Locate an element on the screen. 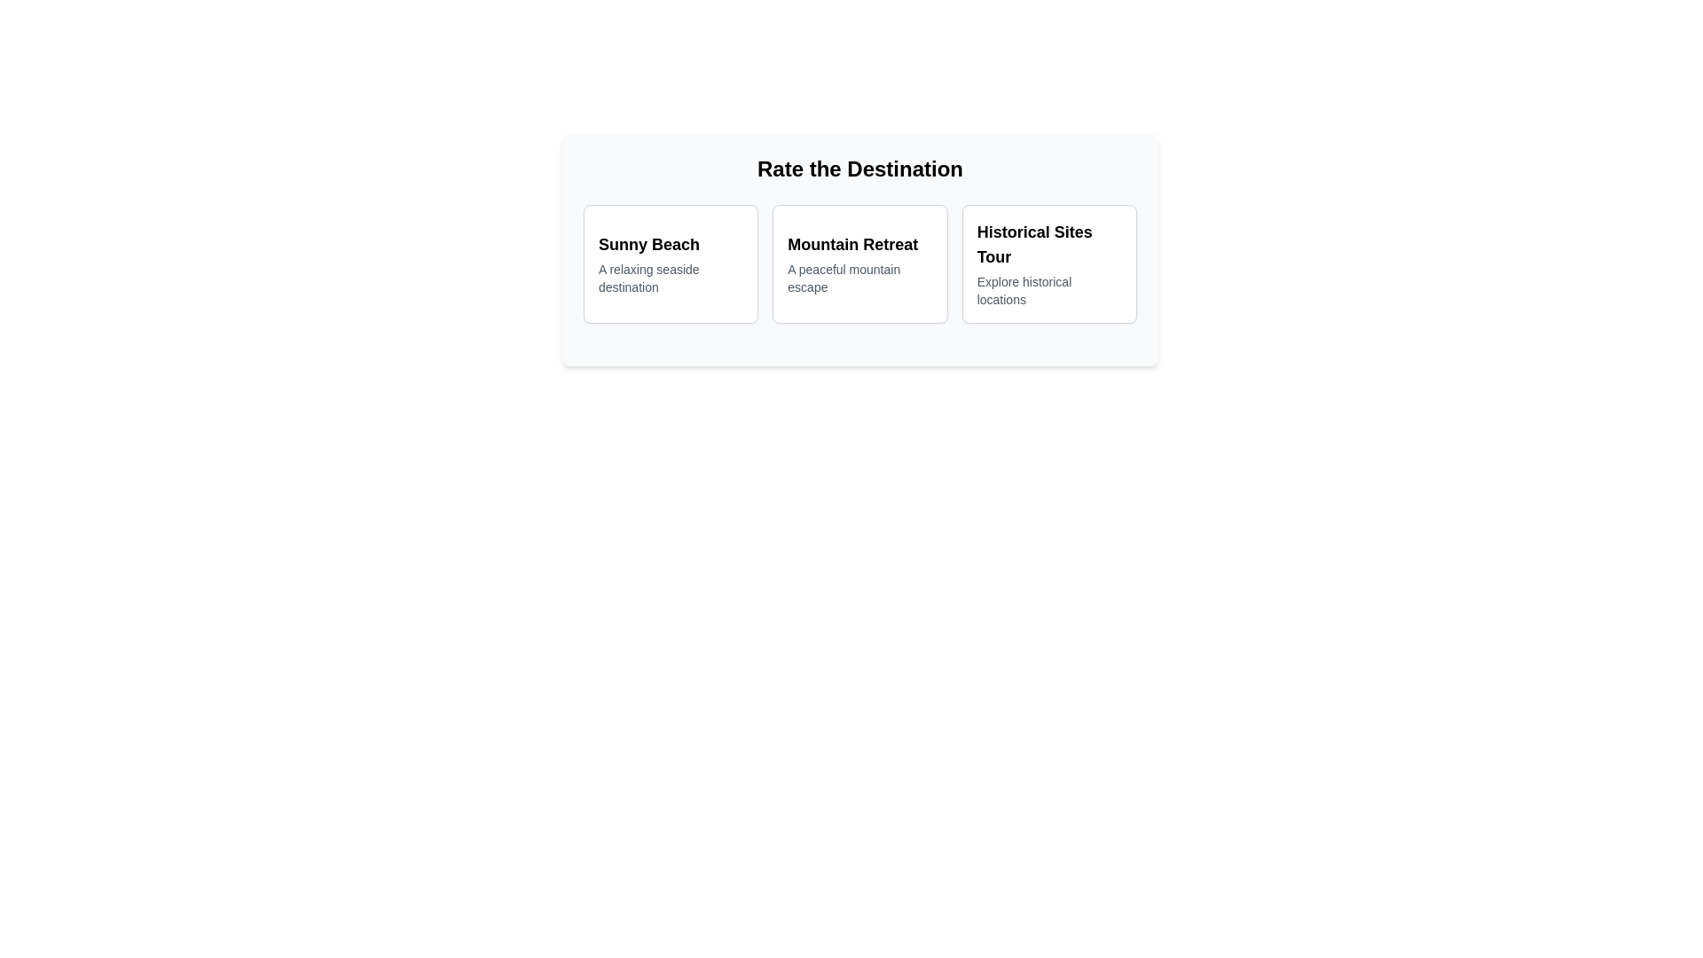 Image resolution: width=1703 pixels, height=958 pixels. the descriptive text located directly beneath the 'Mountain Retreat' title in the middle card of a three-column layout is located at coordinates (859, 278).